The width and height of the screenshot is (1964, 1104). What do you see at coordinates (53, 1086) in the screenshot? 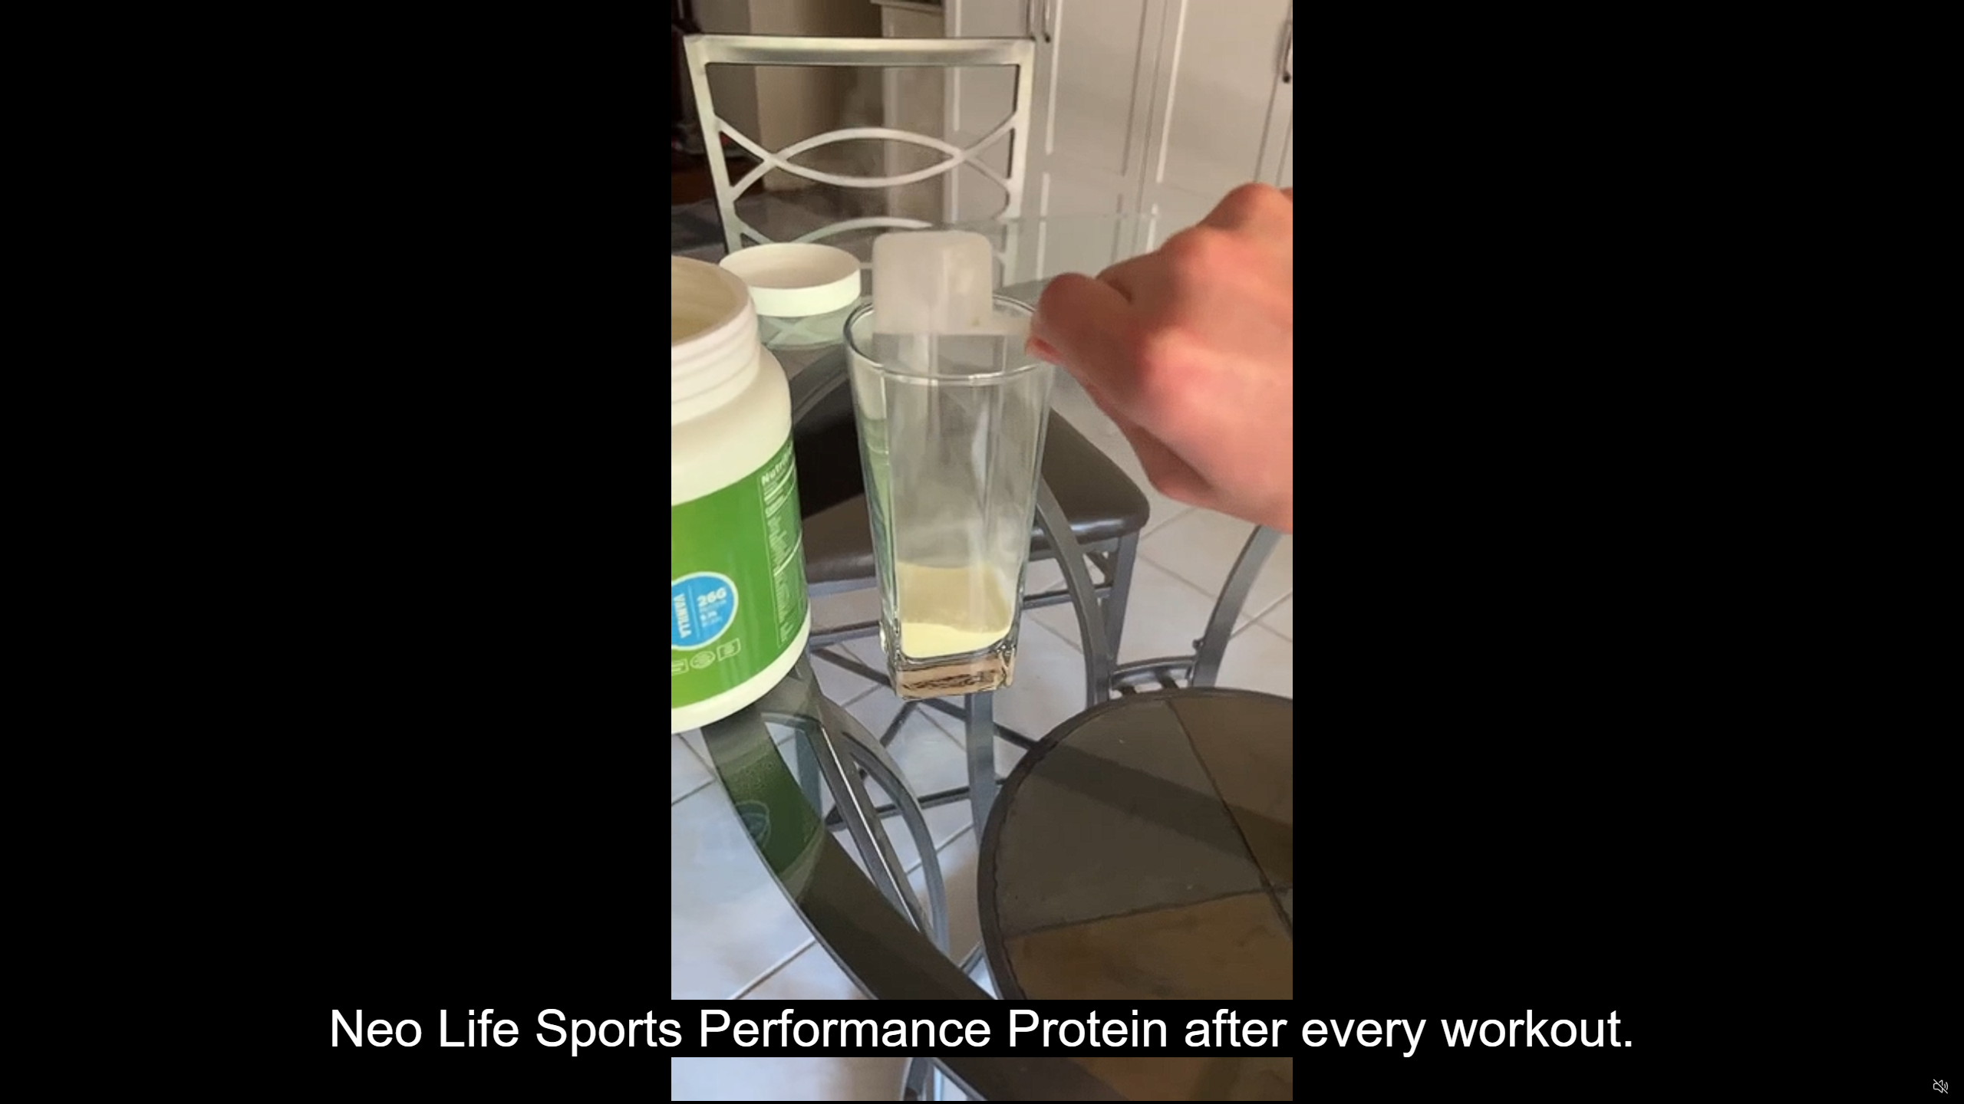
I see `'Seek Back'` at bounding box center [53, 1086].